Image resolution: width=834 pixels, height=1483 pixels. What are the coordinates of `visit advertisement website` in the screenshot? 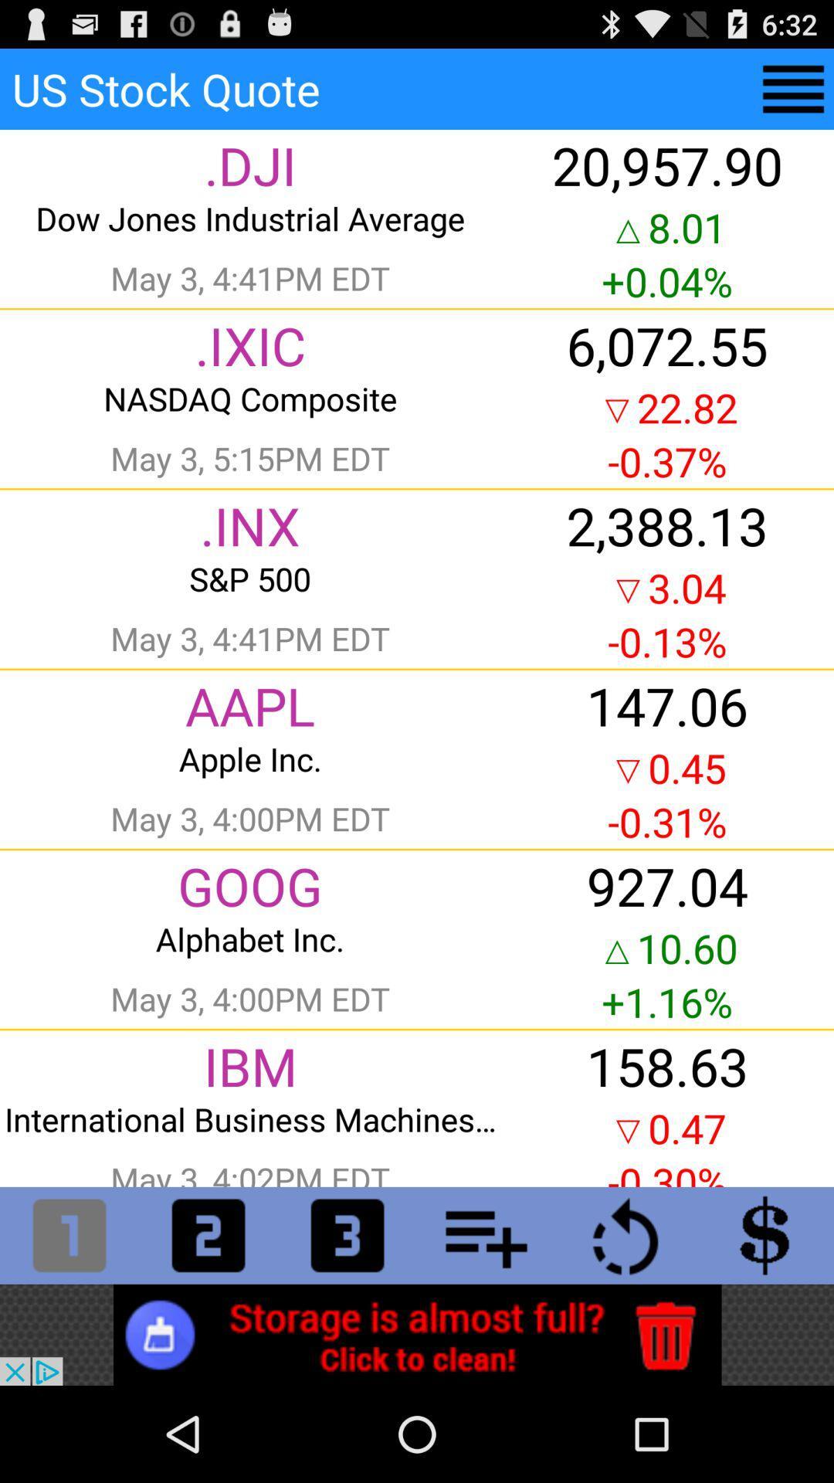 It's located at (417, 1334).